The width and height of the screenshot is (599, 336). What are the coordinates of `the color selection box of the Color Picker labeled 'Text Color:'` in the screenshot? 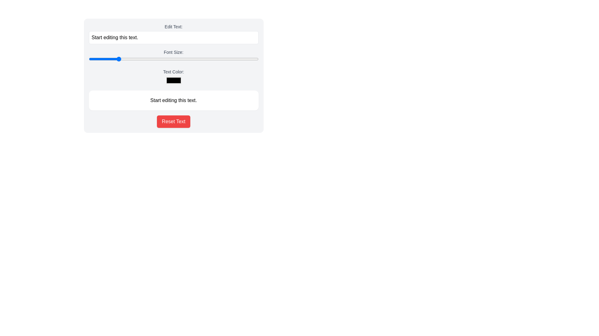 It's located at (173, 77).